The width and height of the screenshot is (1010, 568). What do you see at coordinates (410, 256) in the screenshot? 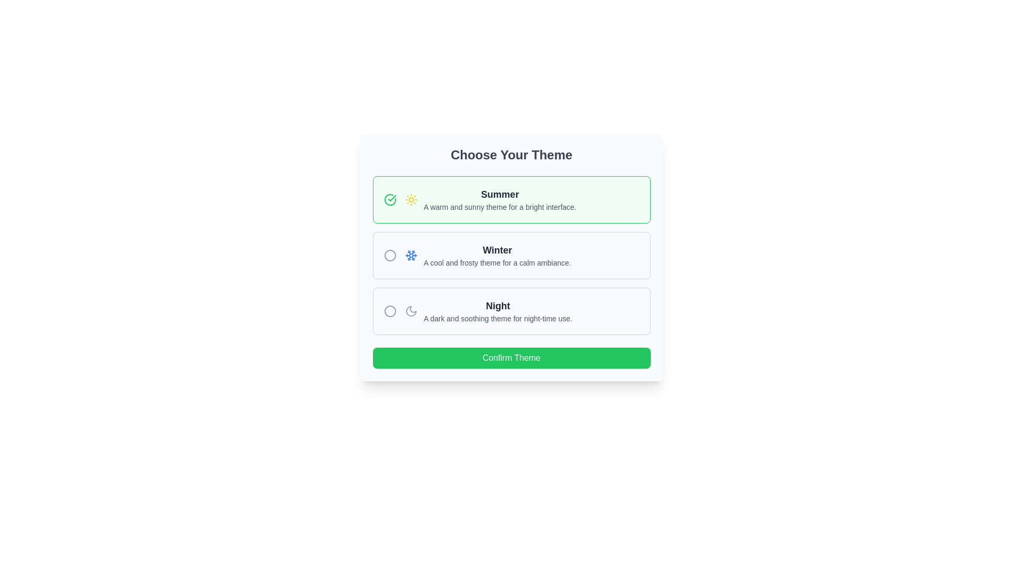
I see `the snowflake icon` at bounding box center [410, 256].